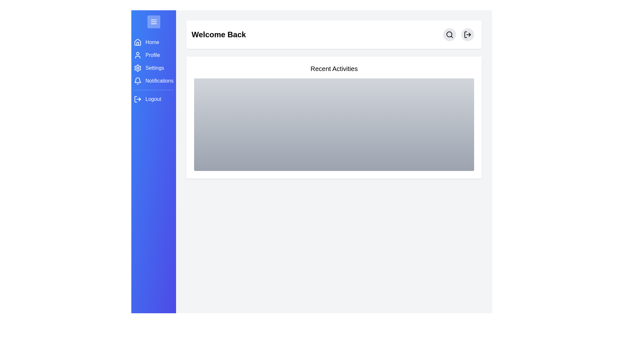  Describe the element at coordinates (152, 42) in the screenshot. I see `the 'Home' text label in the left vertical navigation bar` at that location.